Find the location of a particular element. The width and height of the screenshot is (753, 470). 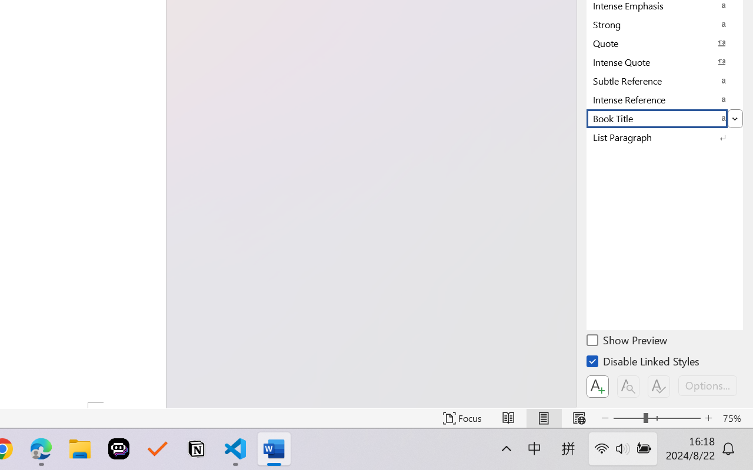

'Intense Reference' is located at coordinates (665, 99).